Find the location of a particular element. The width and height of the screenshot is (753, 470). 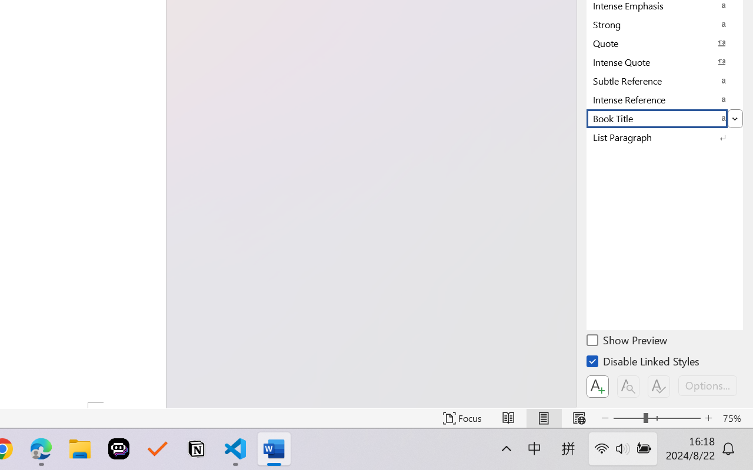

'Intense Reference' is located at coordinates (665, 99).